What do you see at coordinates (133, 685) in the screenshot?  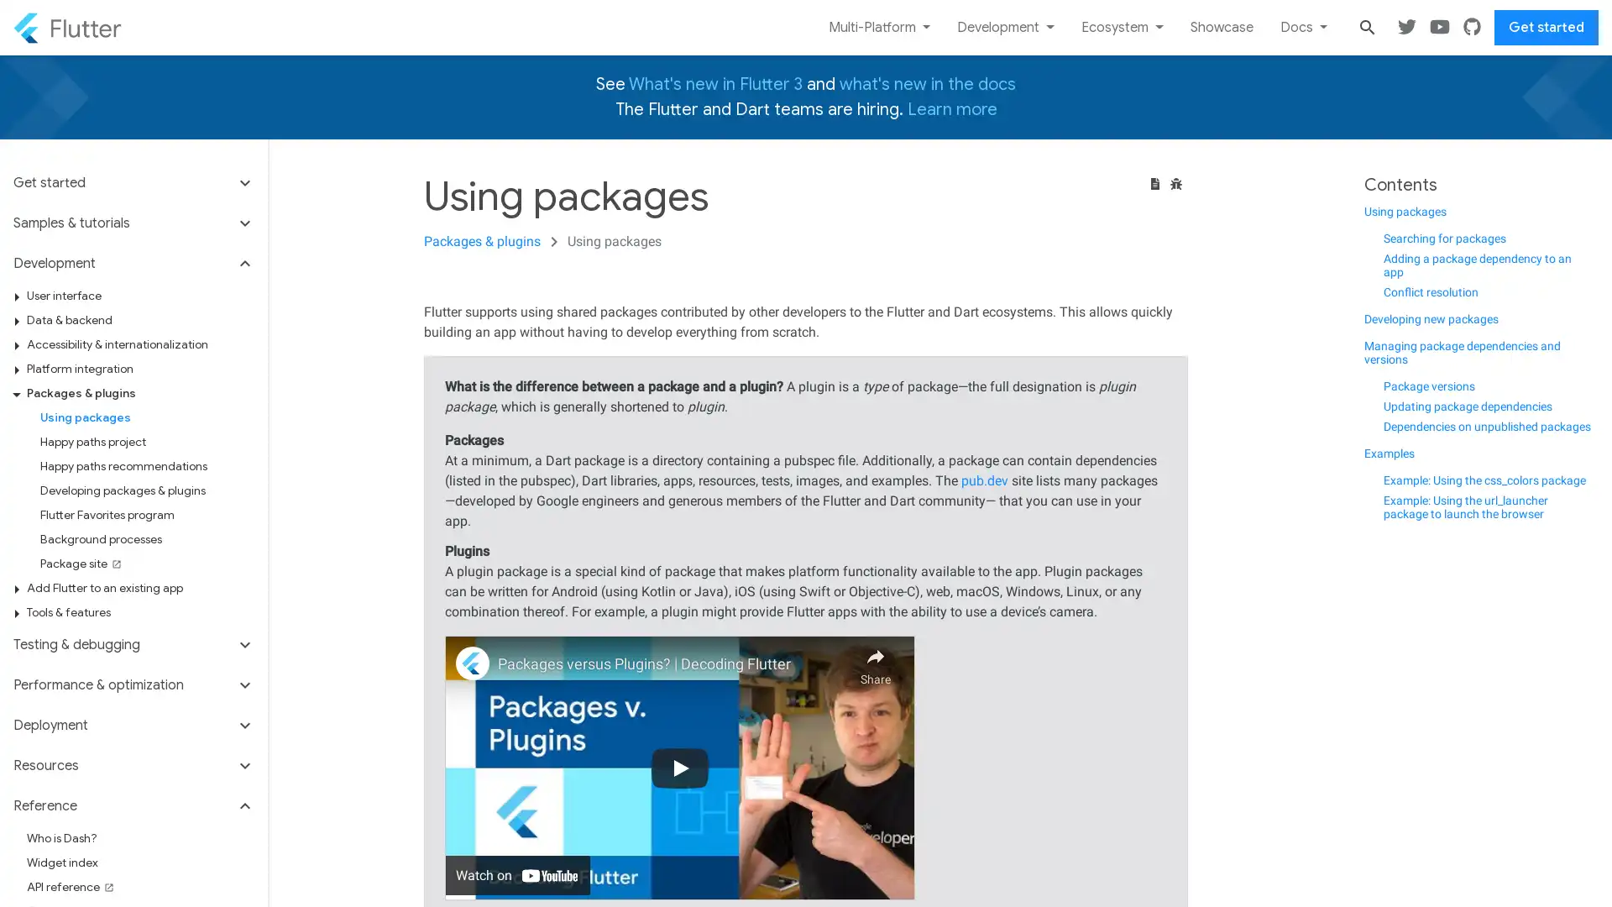 I see `Performance & optimization keyboard_arrow_down` at bounding box center [133, 685].